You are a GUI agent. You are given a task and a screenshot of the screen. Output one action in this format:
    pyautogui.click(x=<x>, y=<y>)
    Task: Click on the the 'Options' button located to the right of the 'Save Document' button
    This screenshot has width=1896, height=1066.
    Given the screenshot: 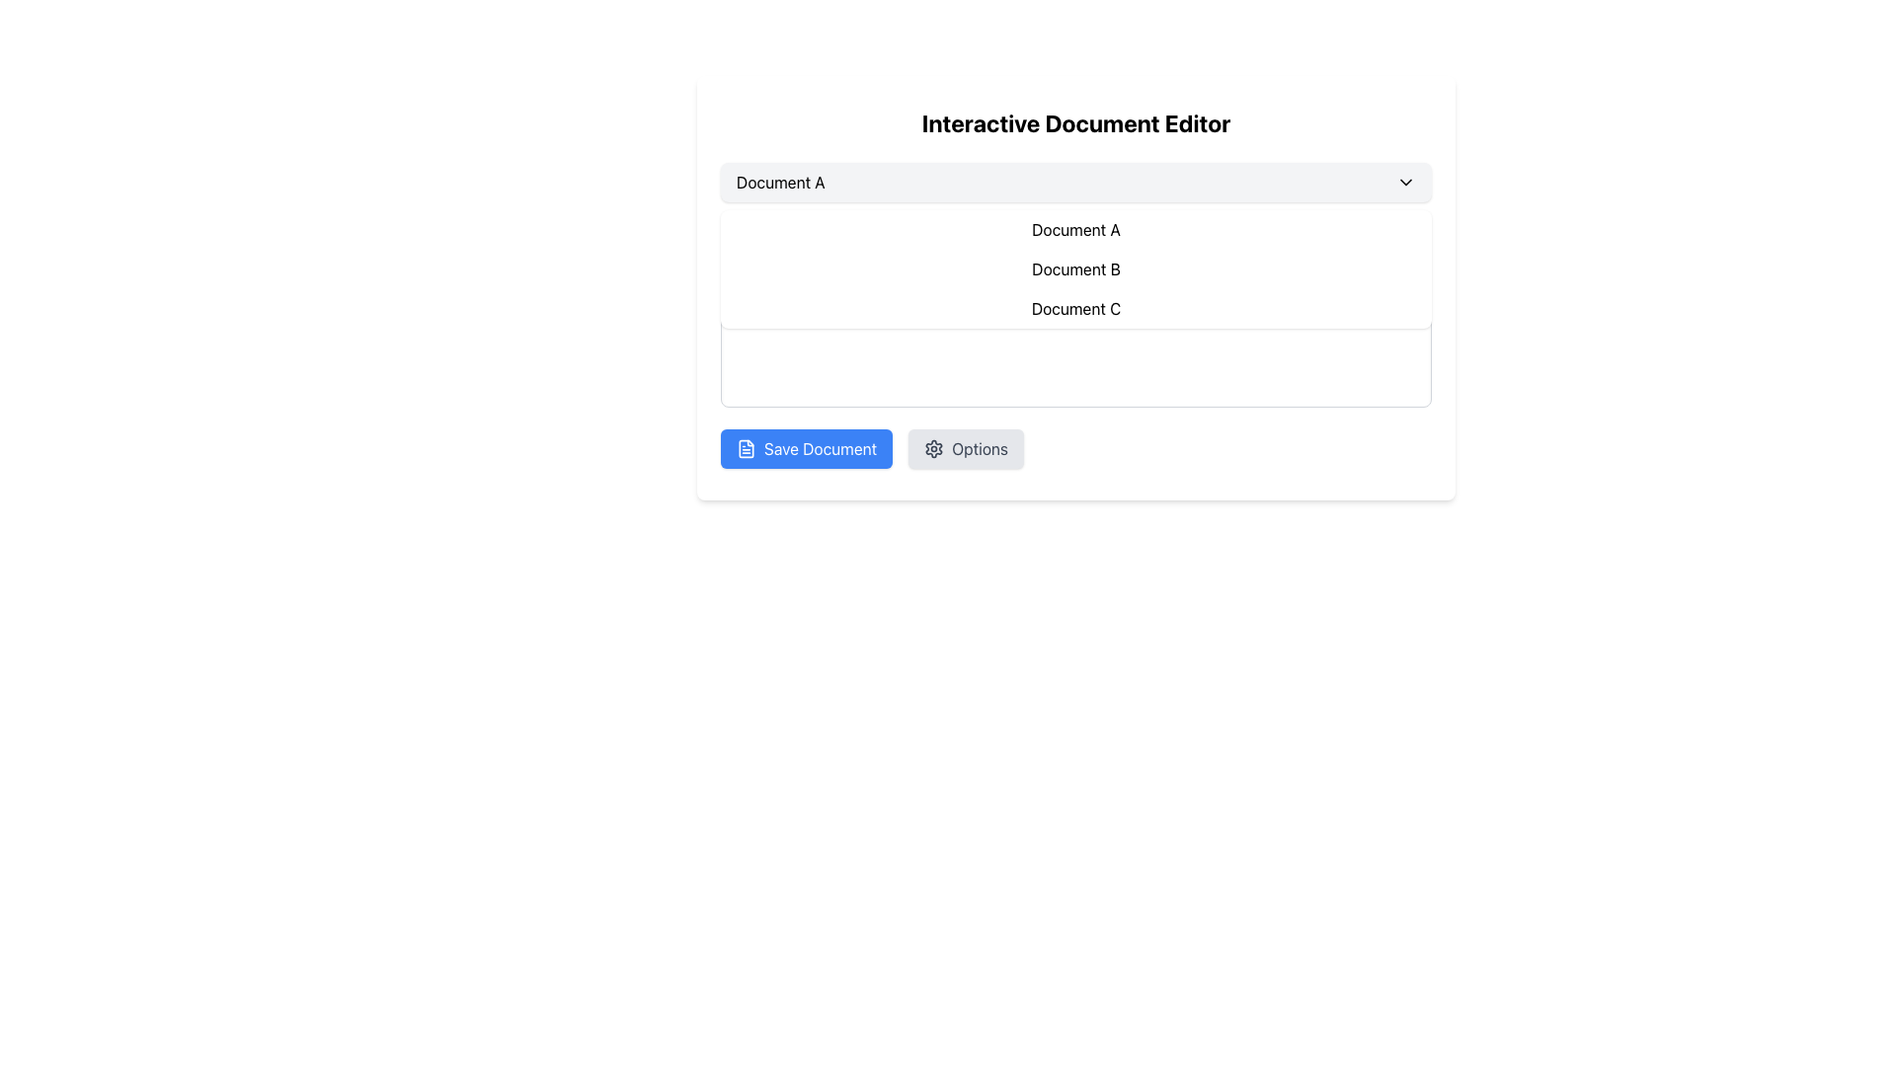 What is the action you would take?
    pyautogui.click(x=966, y=449)
    